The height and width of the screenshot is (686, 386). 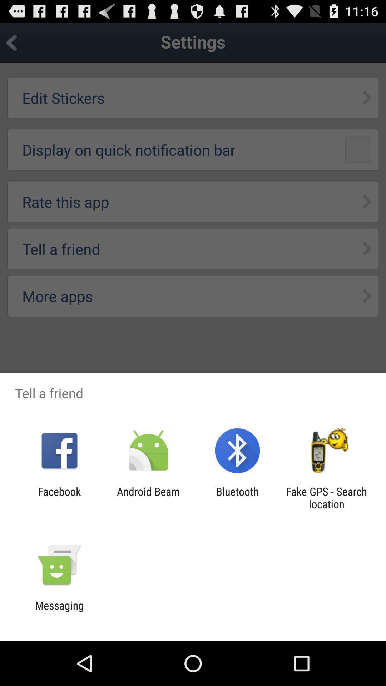 I want to click on facebook app, so click(x=59, y=497).